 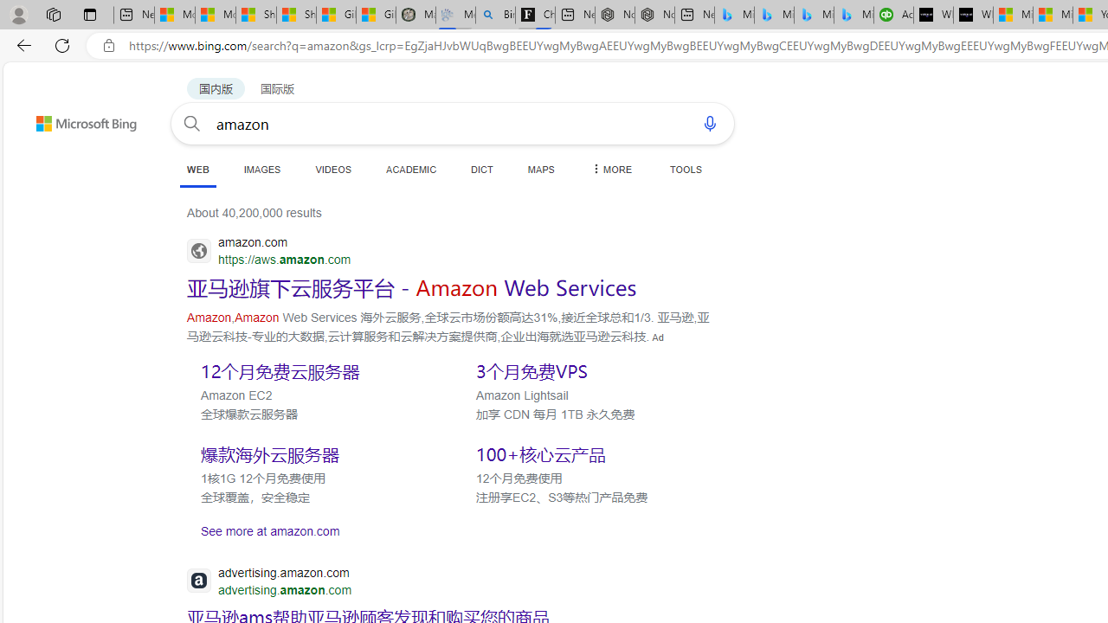 I want to click on 'Chloe Sorvino', so click(x=534, y=15).